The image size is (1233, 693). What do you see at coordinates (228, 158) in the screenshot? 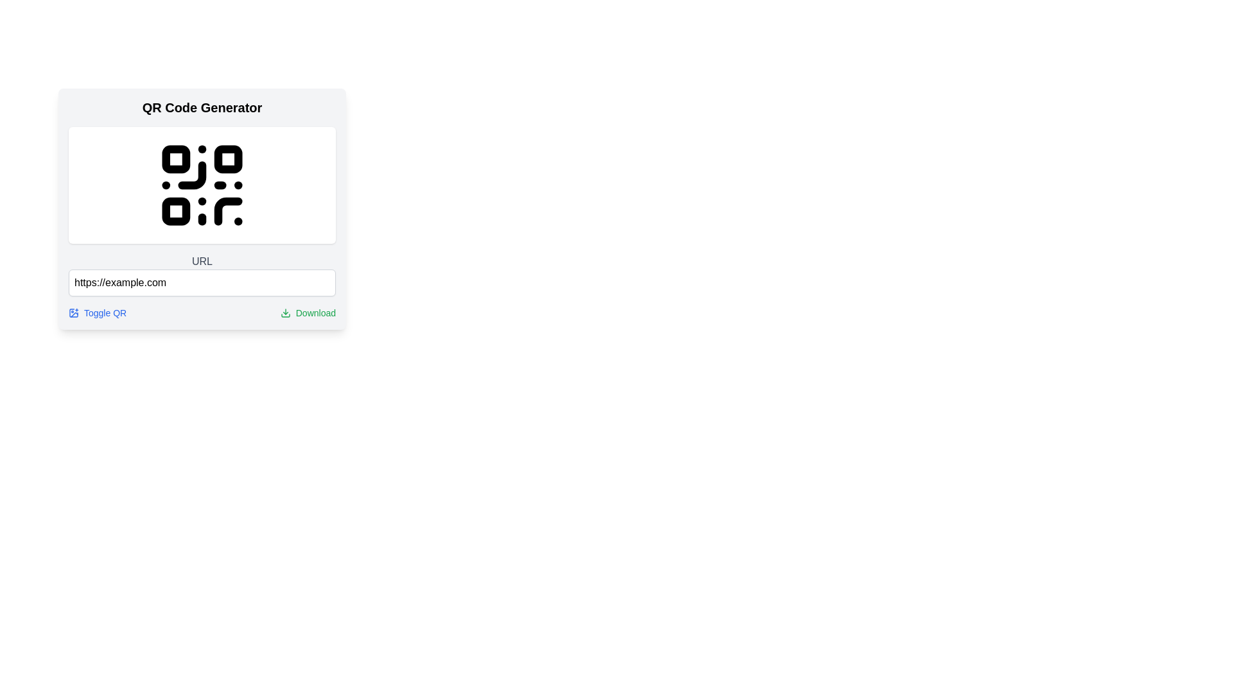
I see `the second square block with rounded corners in the upper right corner of the QR code grid within the 'QR Code Generator' interface` at bounding box center [228, 158].